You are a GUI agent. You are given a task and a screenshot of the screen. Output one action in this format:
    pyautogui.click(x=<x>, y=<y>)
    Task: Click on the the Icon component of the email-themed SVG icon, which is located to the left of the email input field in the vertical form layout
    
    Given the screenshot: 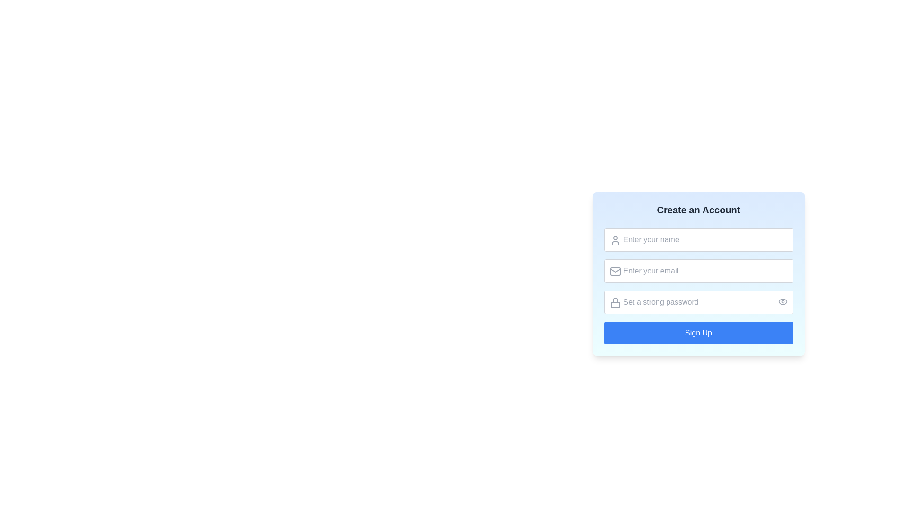 What is the action you would take?
    pyautogui.click(x=615, y=272)
    